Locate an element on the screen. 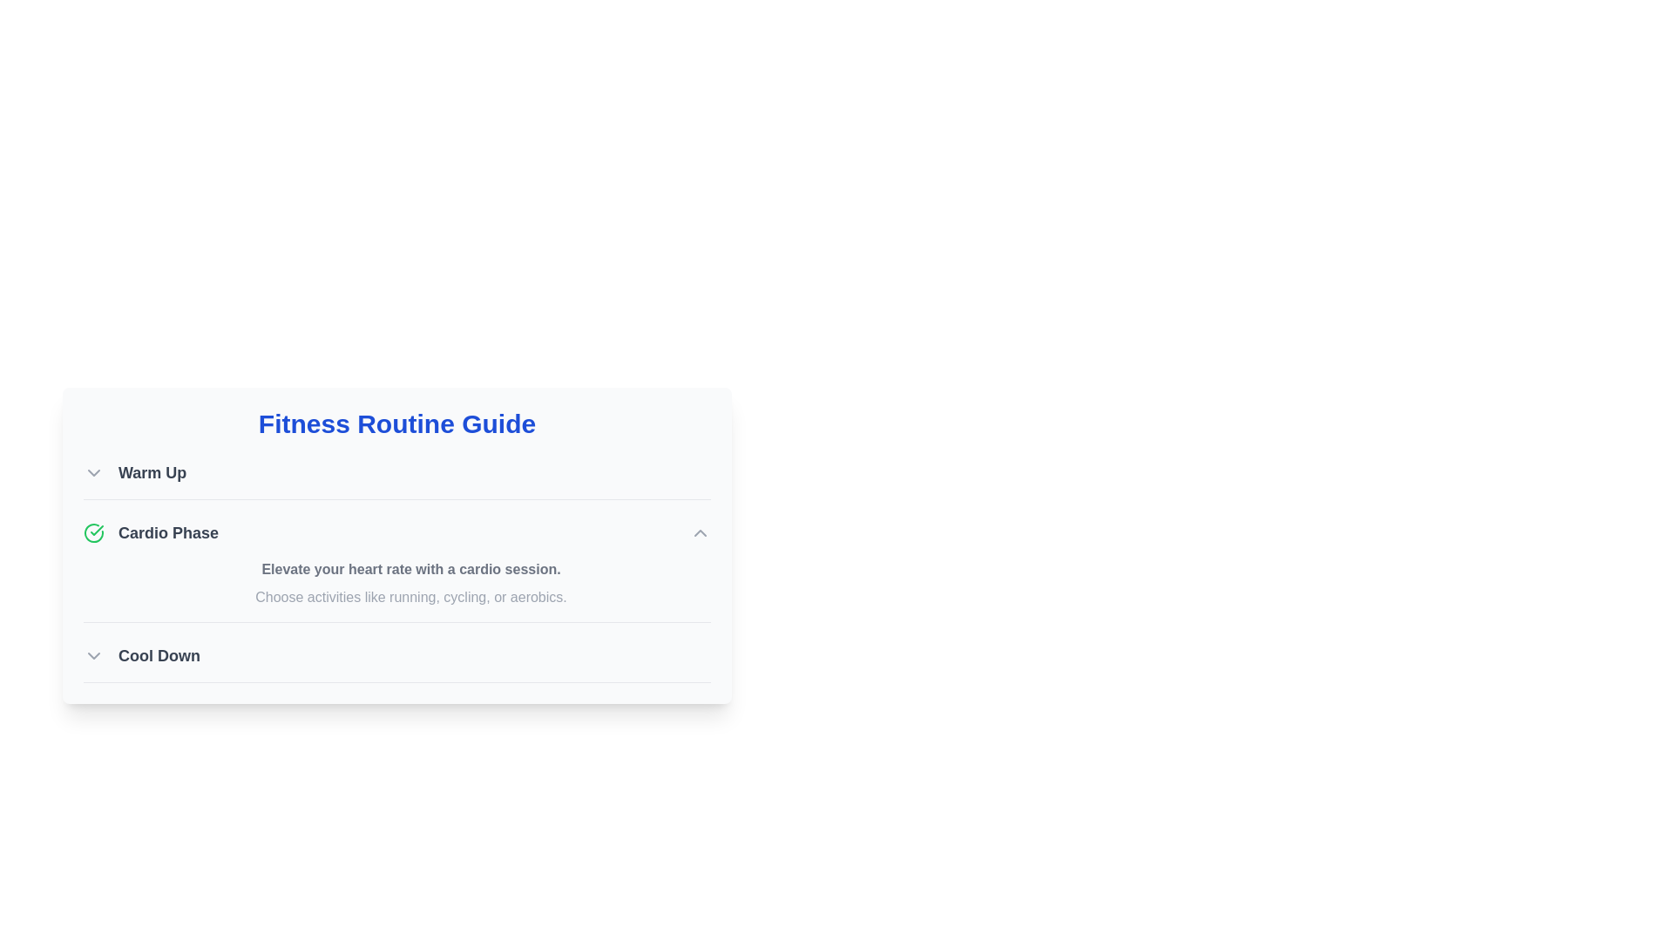 The height and width of the screenshot is (941, 1673). the chevron icon on the far right-hand side of the 'Cardio Phase' section header to possibly reveal a tooltip or change its appearance is located at coordinates (701, 532).